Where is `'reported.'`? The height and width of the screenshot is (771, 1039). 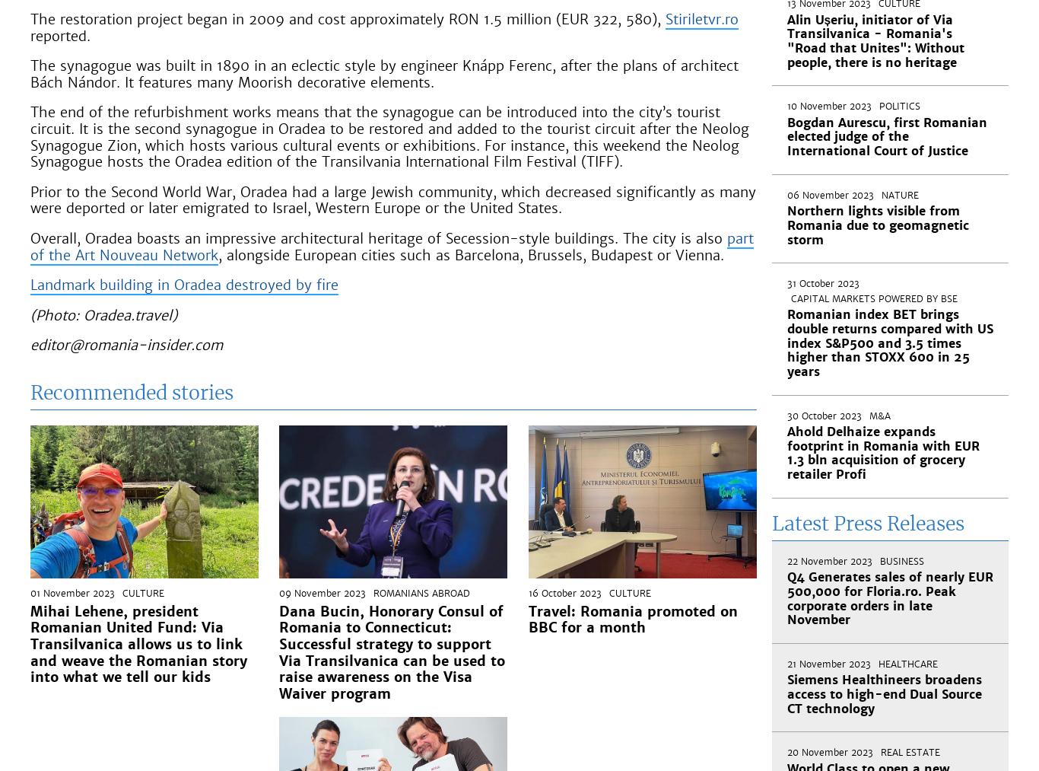
'reported.' is located at coordinates (60, 34).